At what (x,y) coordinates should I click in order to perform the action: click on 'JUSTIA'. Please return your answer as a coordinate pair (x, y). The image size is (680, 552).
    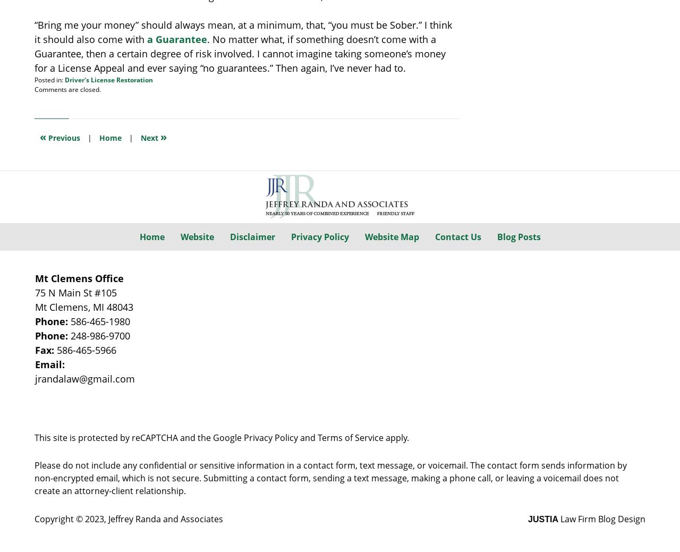
    Looking at the image, I should click on (543, 519).